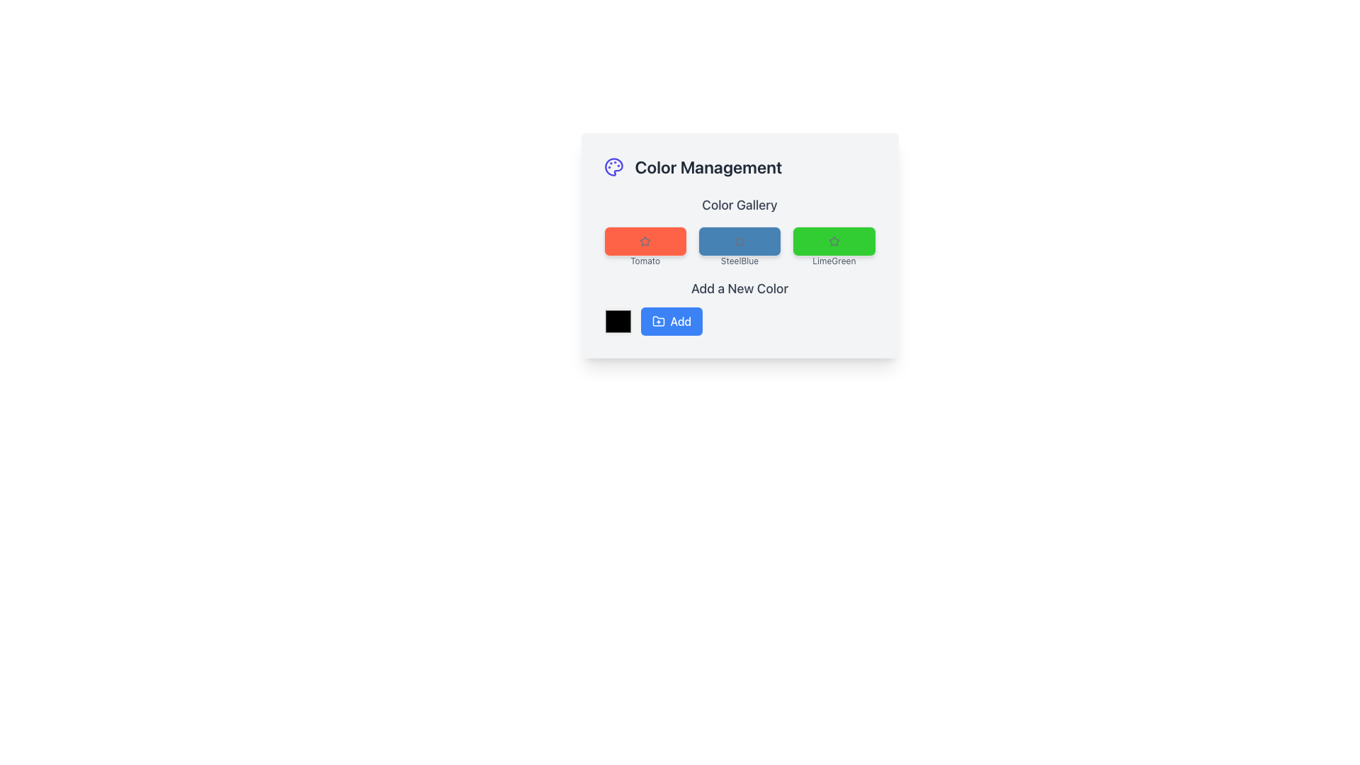 The image size is (1360, 765). Describe the element at coordinates (613, 166) in the screenshot. I see `the palette icon in the 'Color Management' panel, characterized by its intricate outline and vivid gradient colors` at that location.